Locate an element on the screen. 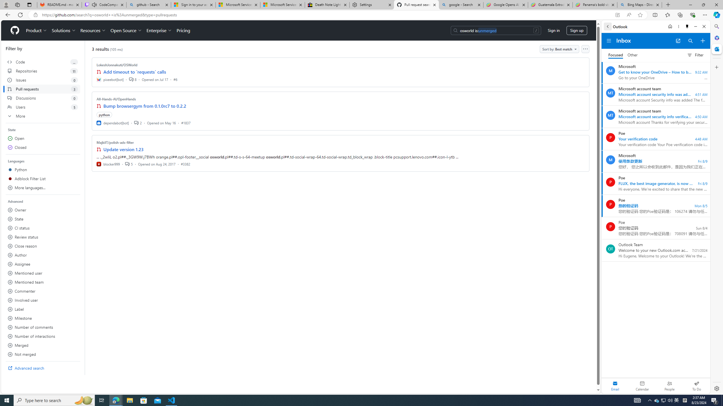 The width and height of the screenshot is (723, 406). 'Filter' is located at coordinates (695, 55).